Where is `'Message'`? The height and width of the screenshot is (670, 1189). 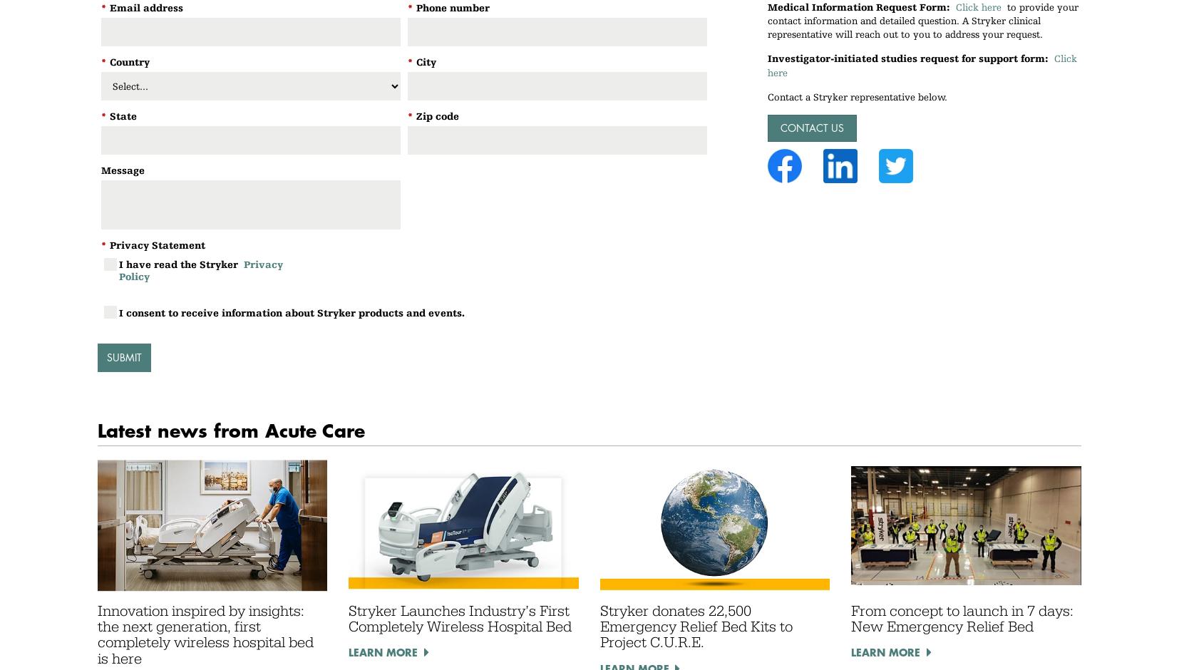
'Message' is located at coordinates (100, 170).